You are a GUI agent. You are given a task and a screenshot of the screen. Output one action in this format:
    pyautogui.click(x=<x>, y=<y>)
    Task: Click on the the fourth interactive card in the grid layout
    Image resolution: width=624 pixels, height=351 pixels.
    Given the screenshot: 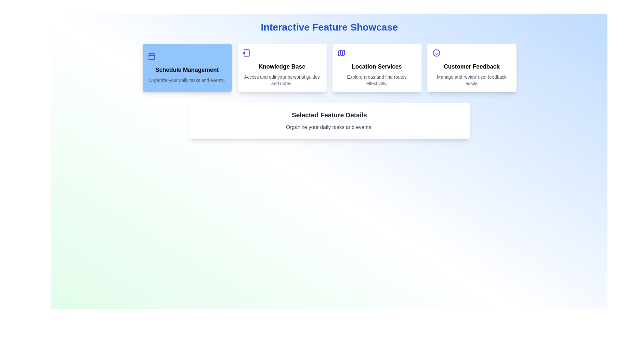 What is the action you would take?
    pyautogui.click(x=472, y=68)
    